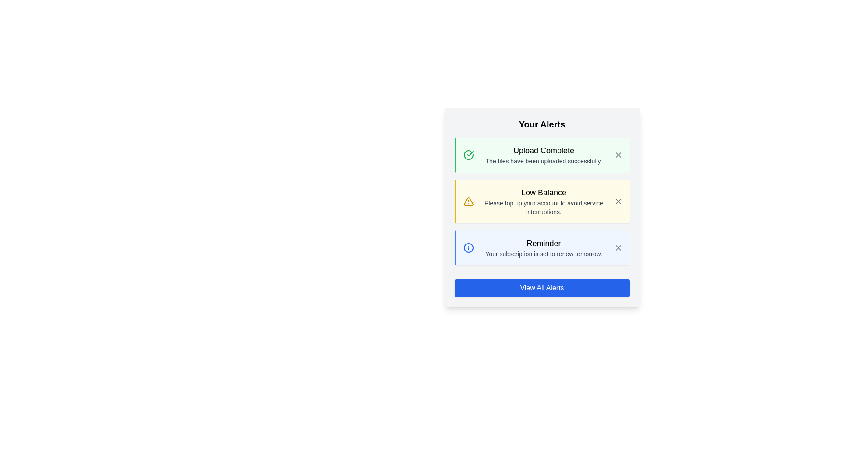 This screenshot has width=841, height=473. Describe the element at coordinates (468, 201) in the screenshot. I see `the triangular warning icon with a yellow outline and an exclamation mark inside, located near the title 'Low Balance' in the alert box` at that location.